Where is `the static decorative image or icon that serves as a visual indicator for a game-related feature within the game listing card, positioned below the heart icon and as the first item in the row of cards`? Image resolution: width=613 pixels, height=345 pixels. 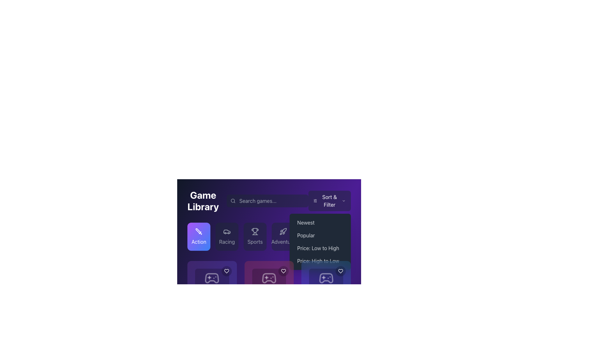 the static decorative image or icon that serves as a visual indicator for a game-related feature within the game listing card, positioned below the heart icon and as the first item in the row of cards is located at coordinates (212, 278).